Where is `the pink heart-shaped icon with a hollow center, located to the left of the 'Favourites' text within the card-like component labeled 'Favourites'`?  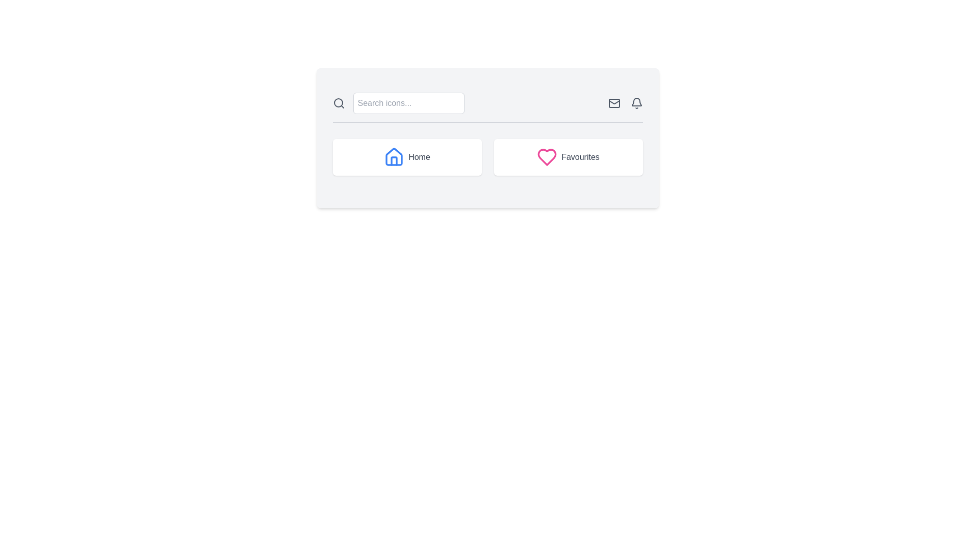 the pink heart-shaped icon with a hollow center, located to the left of the 'Favourites' text within the card-like component labeled 'Favourites' is located at coordinates (547, 157).